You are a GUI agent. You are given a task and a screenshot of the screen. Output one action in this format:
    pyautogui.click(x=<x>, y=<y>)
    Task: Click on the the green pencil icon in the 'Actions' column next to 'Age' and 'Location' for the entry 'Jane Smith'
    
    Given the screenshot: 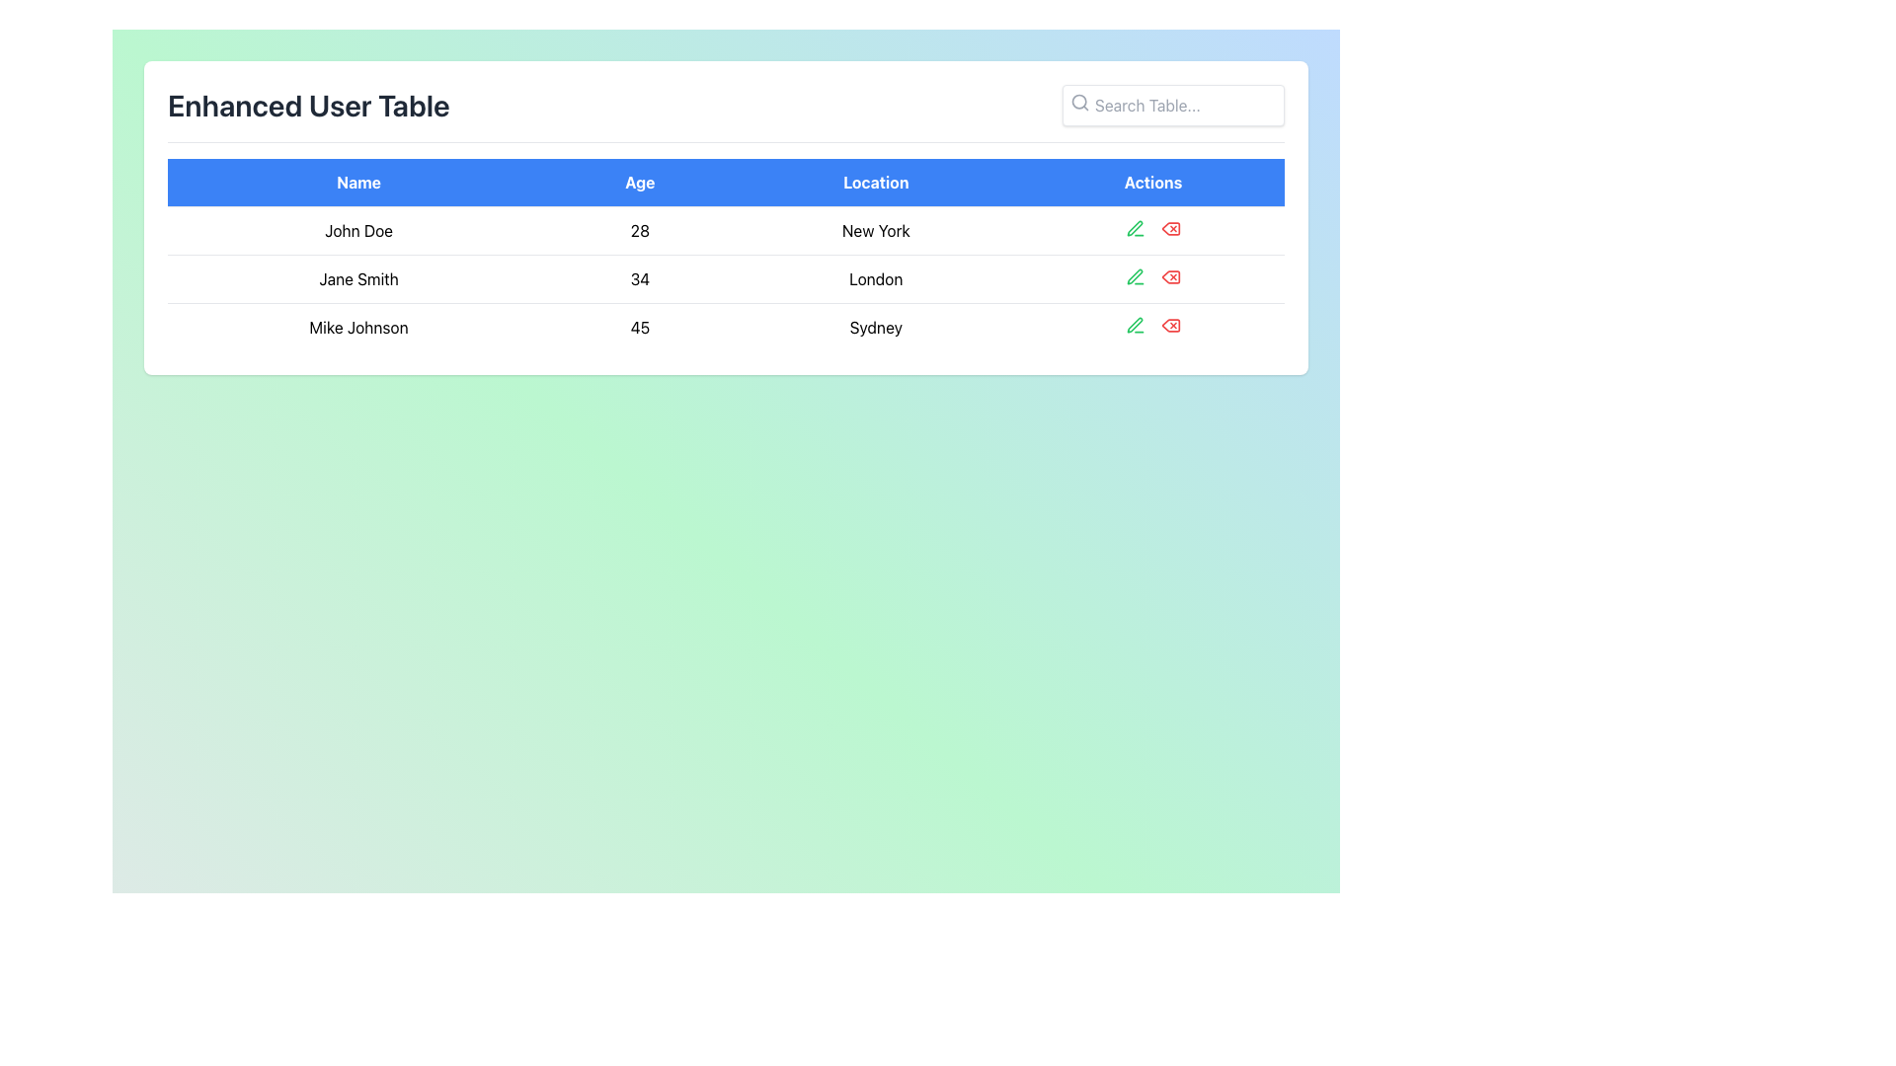 What is the action you would take?
    pyautogui.click(x=1135, y=276)
    